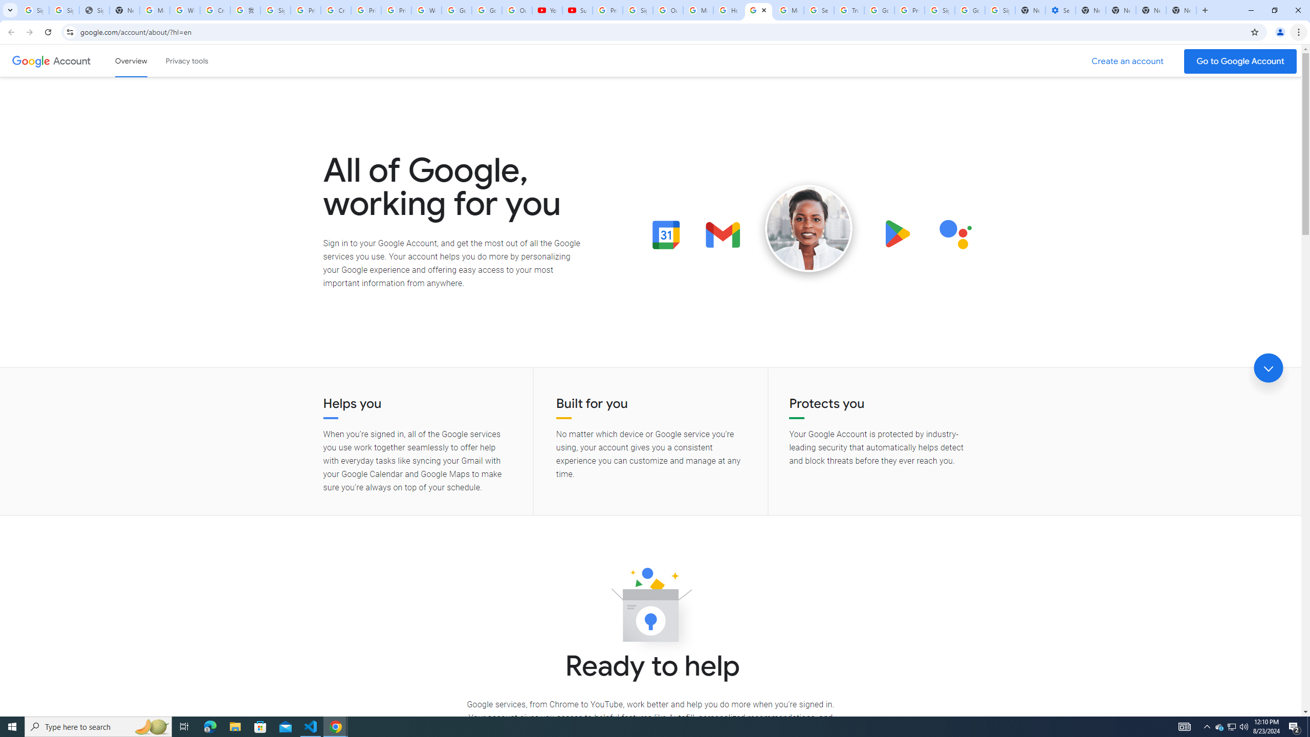 Image resolution: width=1310 pixels, height=737 pixels. What do you see at coordinates (818, 10) in the screenshot?
I see `'Search our Doodle Library Collection - Google Doodles'` at bounding box center [818, 10].